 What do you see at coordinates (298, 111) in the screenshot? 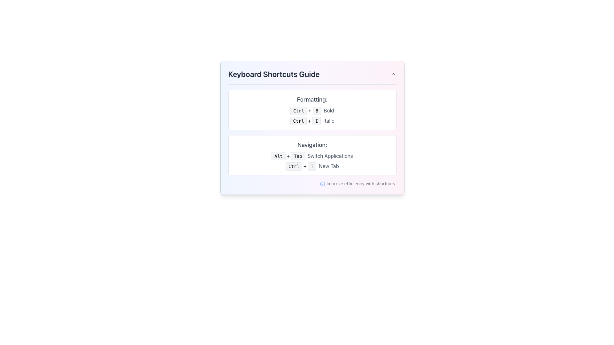
I see `the 'Ctrl' key label in the keyboard shortcut guide which is part of the 'Ctrl + B Bold' sequence, located to the left of the '+' sign` at bounding box center [298, 111].